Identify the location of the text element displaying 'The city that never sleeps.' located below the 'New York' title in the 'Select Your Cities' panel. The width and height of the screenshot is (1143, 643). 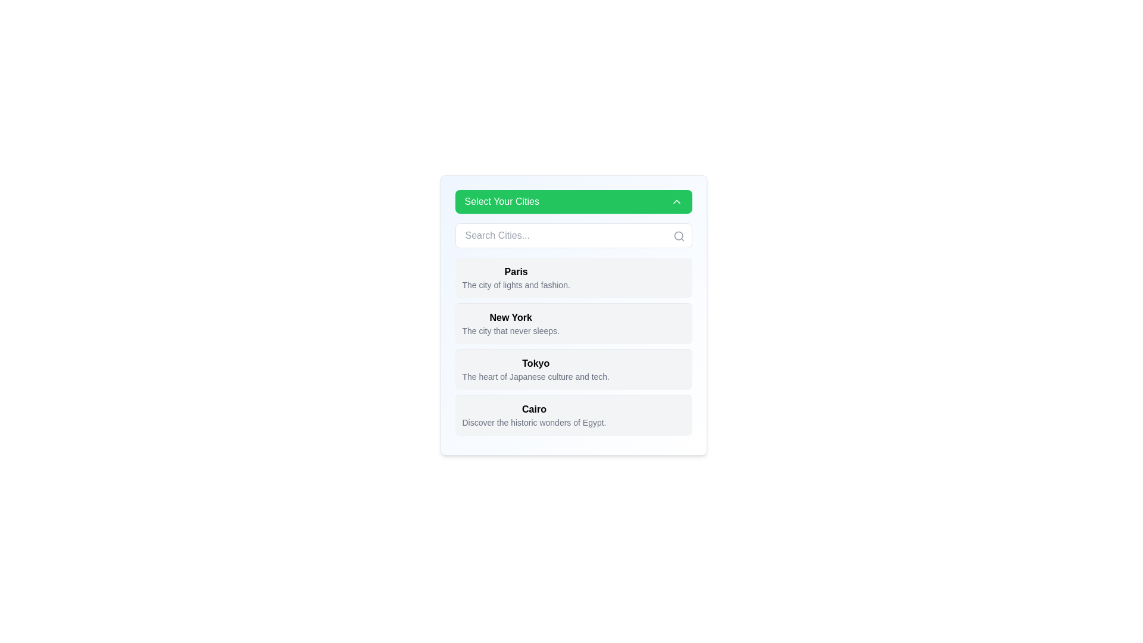
(511, 330).